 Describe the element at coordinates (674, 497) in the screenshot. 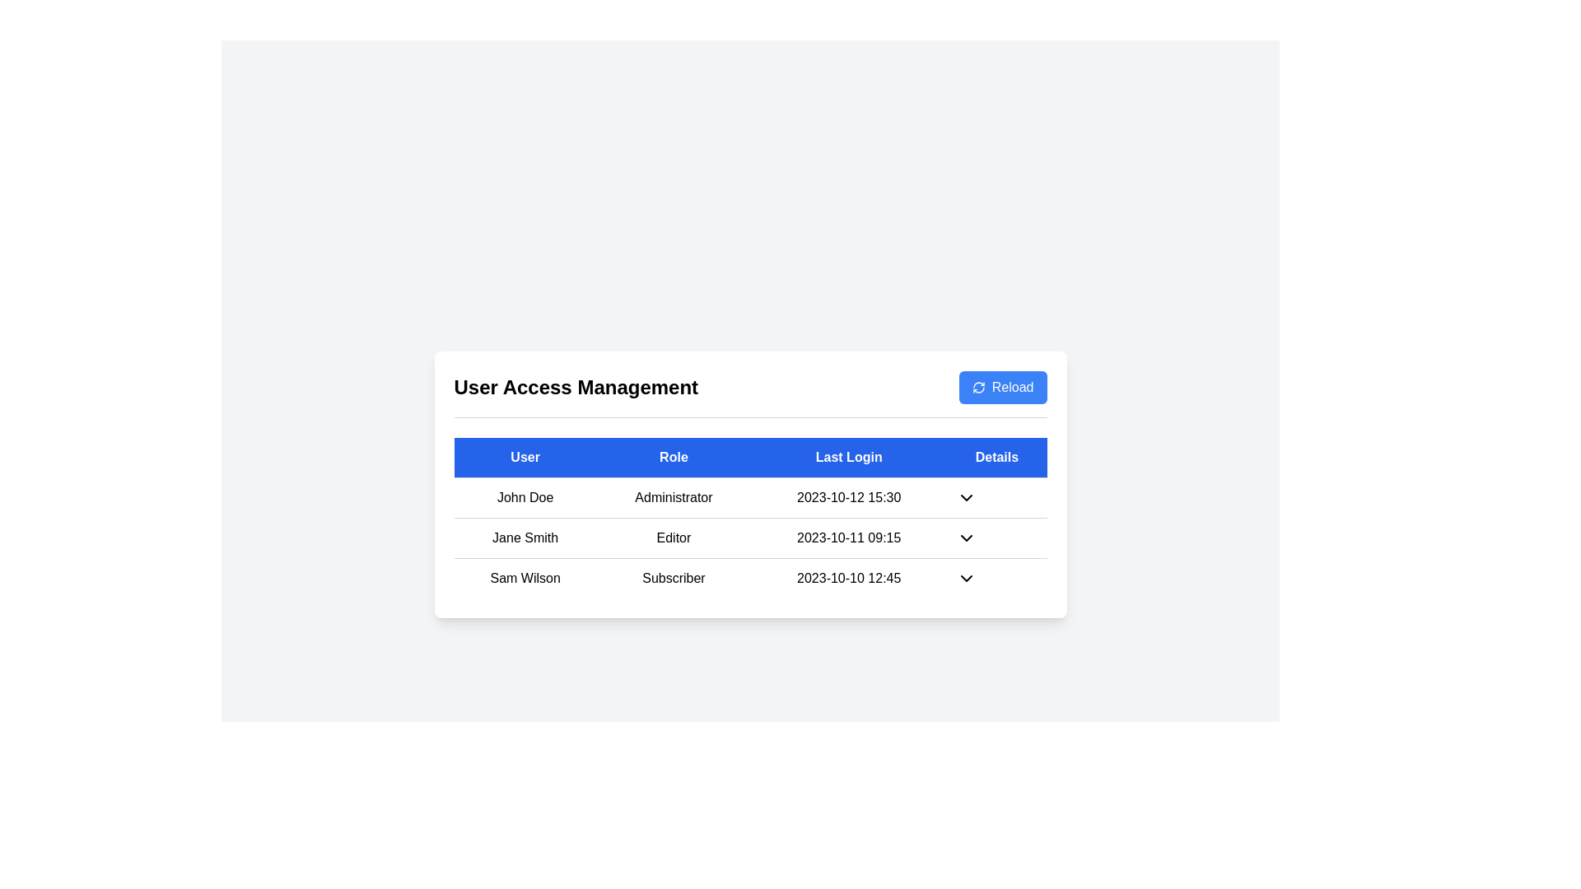

I see `text displayed in the second cell of the 'Role' column for the user 'John Doe' in the 'User Access Management' section` at that location.